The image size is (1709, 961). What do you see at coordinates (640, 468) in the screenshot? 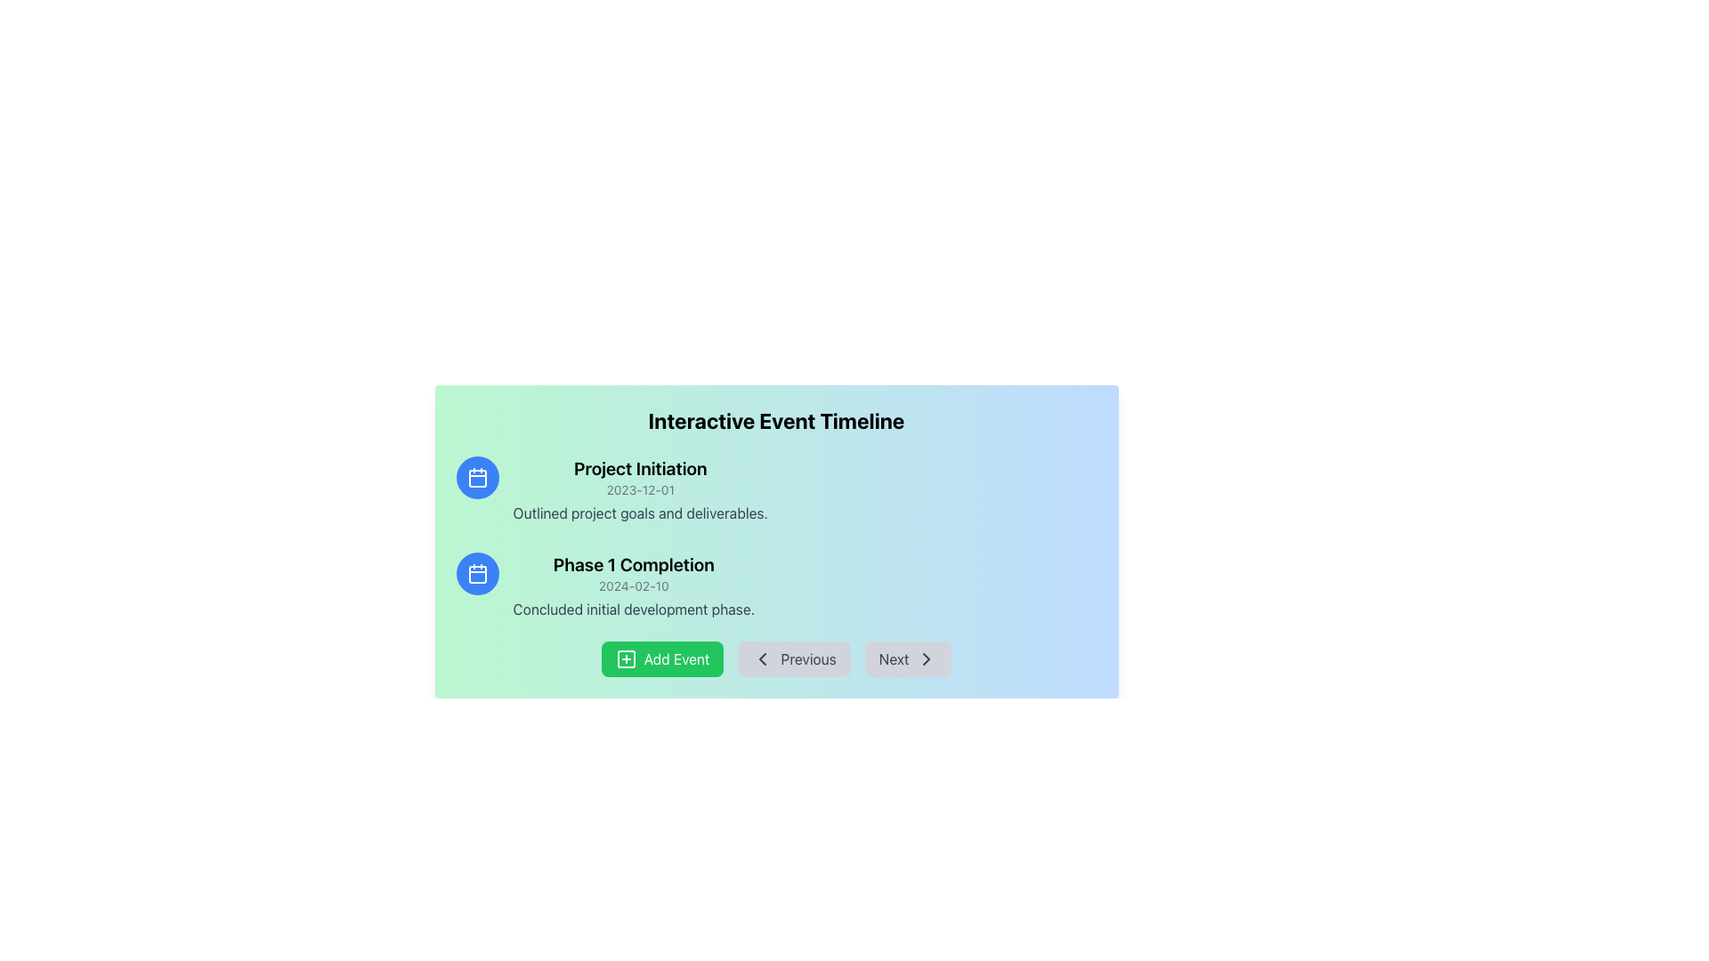
I see `Label or Header Text that serves as the title for the associated project event, located above the date '2023-12-01' and the description 'Outlined project goals and deliverables.'` at bounding box center [640, 468].